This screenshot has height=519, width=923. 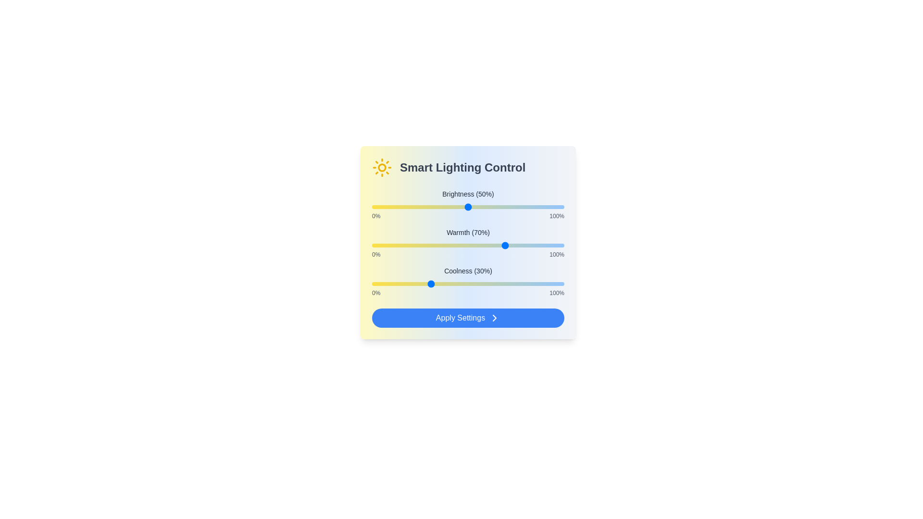 I want to click on the Coolness slider to 82%, so click(x=529, y=283).